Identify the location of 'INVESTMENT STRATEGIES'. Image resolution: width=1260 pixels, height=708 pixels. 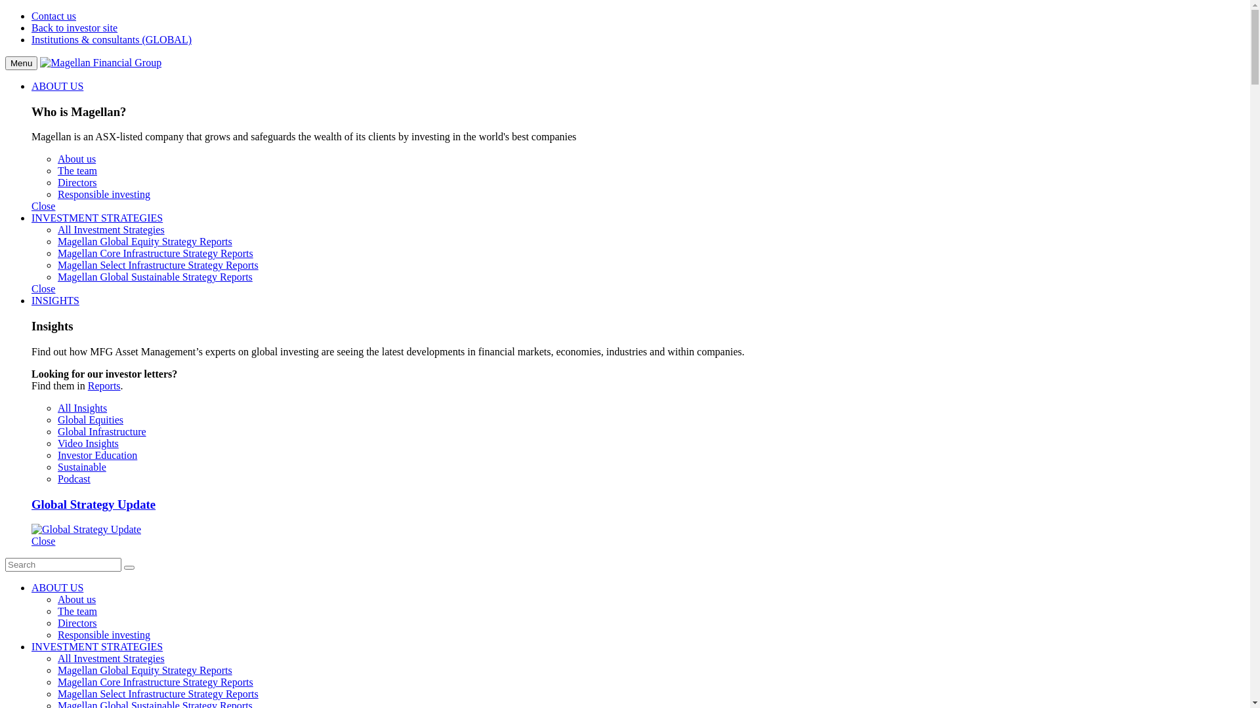
(31, 217).